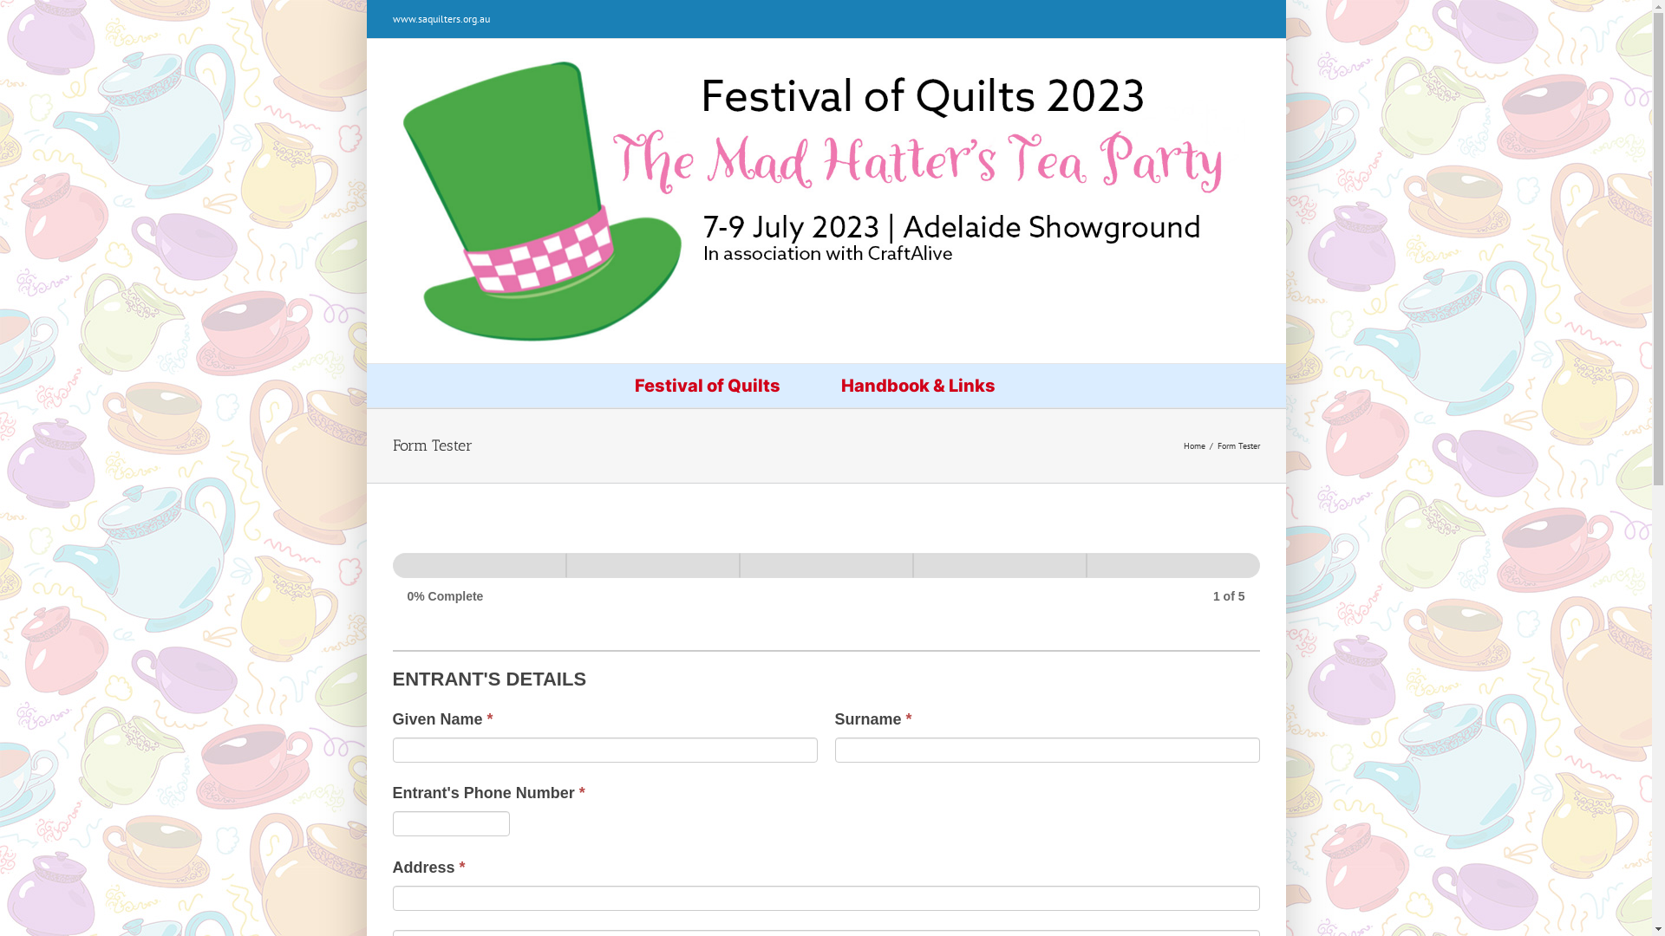  Describe the element at coordinates (821, 384) in the screenshot. I see `'Handbook & Links'` at that location.